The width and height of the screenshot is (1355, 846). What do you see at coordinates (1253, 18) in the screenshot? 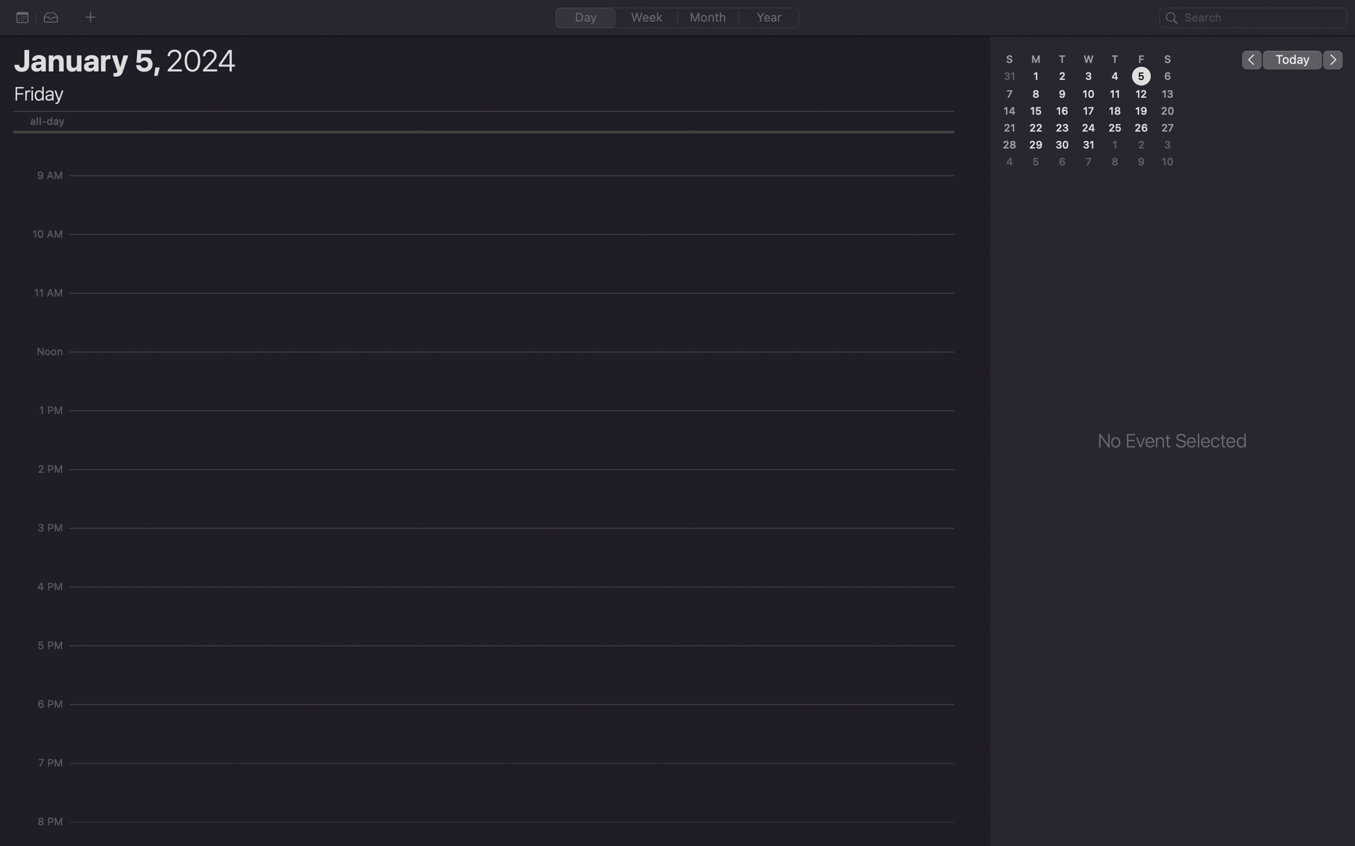
I see `Look up the event "Joe birthday` at bounding box center [1253, 18].